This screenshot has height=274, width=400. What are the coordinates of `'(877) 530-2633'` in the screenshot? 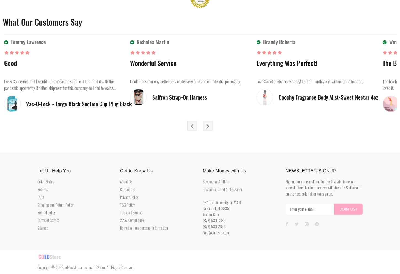 It's located at (214, 226).